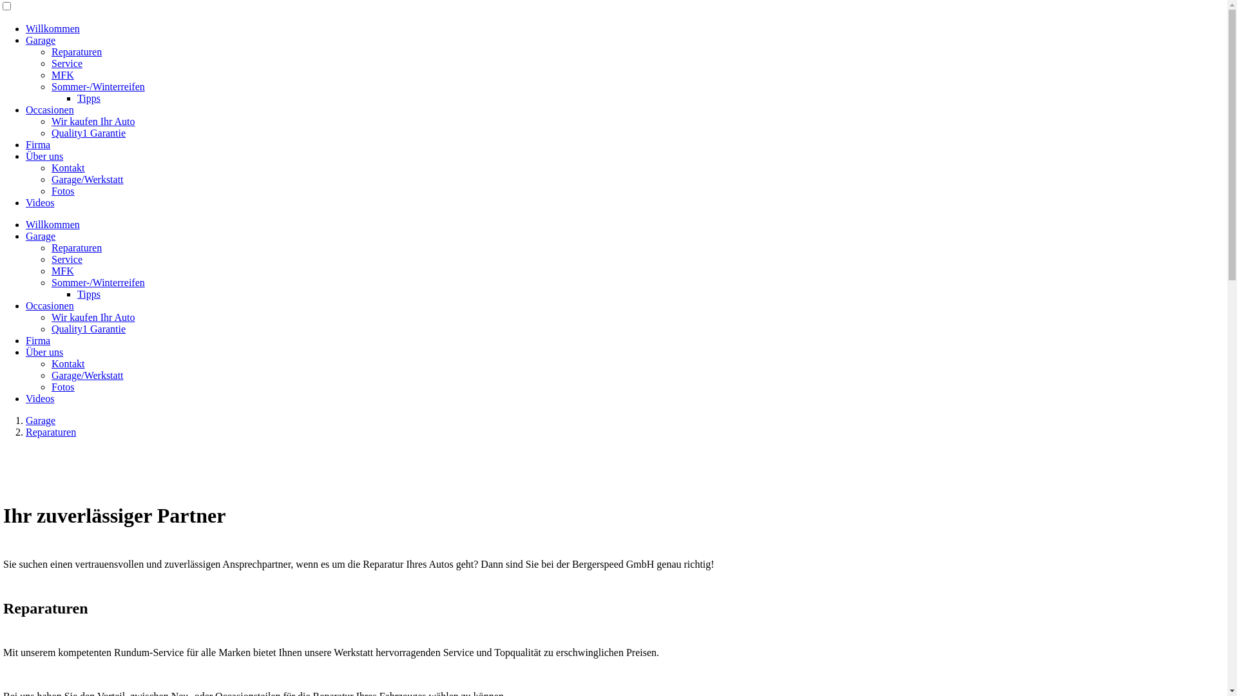 The image size is (1237, 696). I want to click on 'Sommer-/Winterreifen', so click(97, 282).